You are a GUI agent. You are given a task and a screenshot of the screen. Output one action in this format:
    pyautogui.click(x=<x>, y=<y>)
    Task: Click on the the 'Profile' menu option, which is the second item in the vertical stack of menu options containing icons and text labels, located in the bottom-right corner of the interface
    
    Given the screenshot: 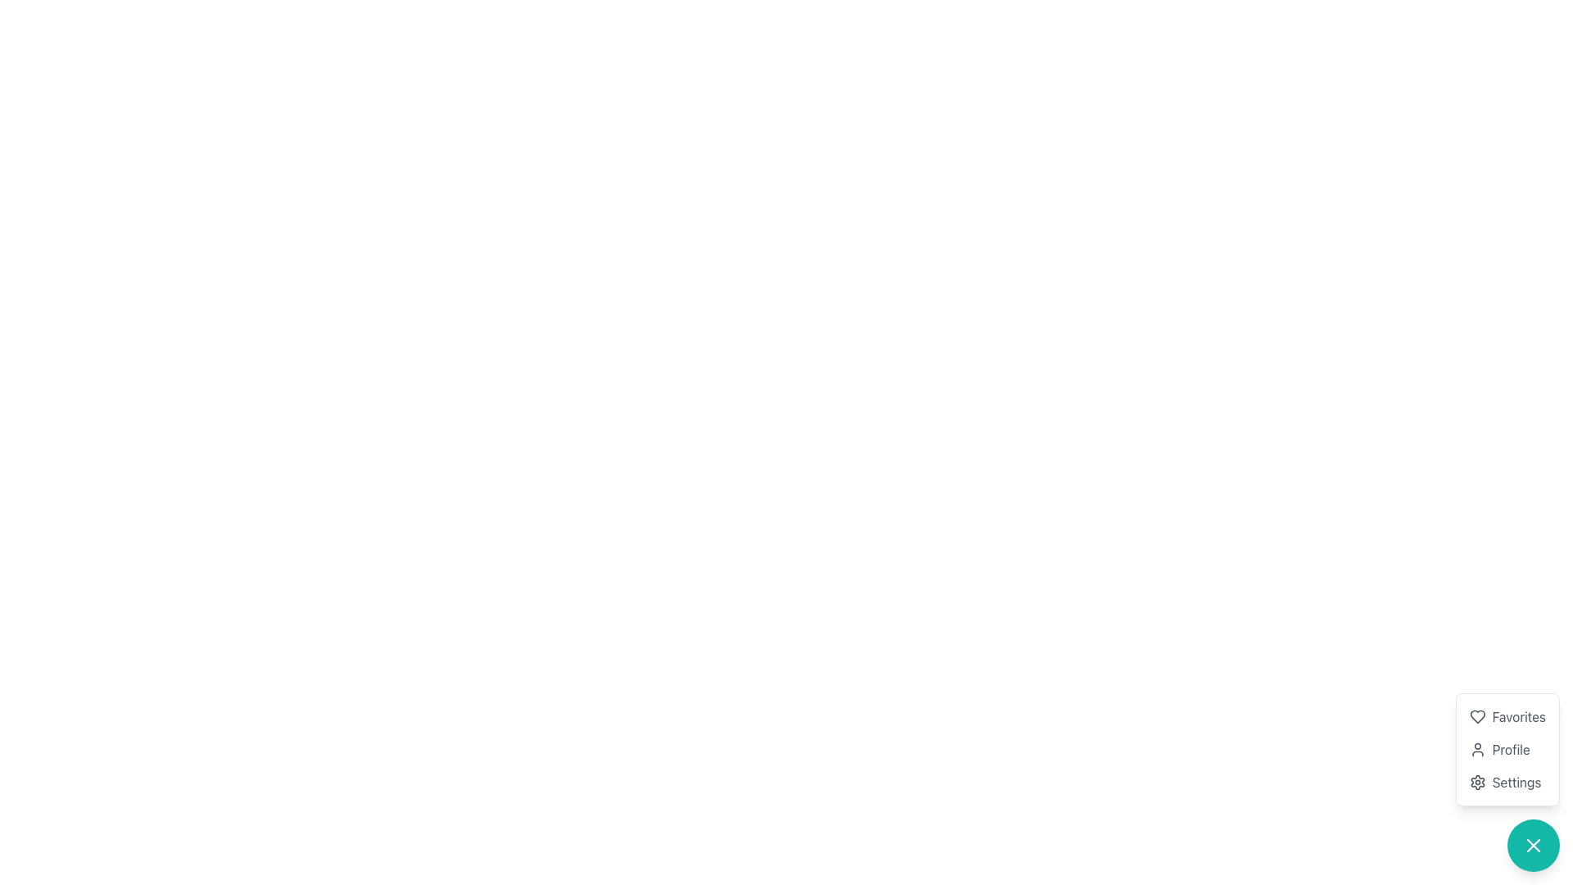 What is the action you would take?
    pyautogui.click(x=1507, y=749)
    